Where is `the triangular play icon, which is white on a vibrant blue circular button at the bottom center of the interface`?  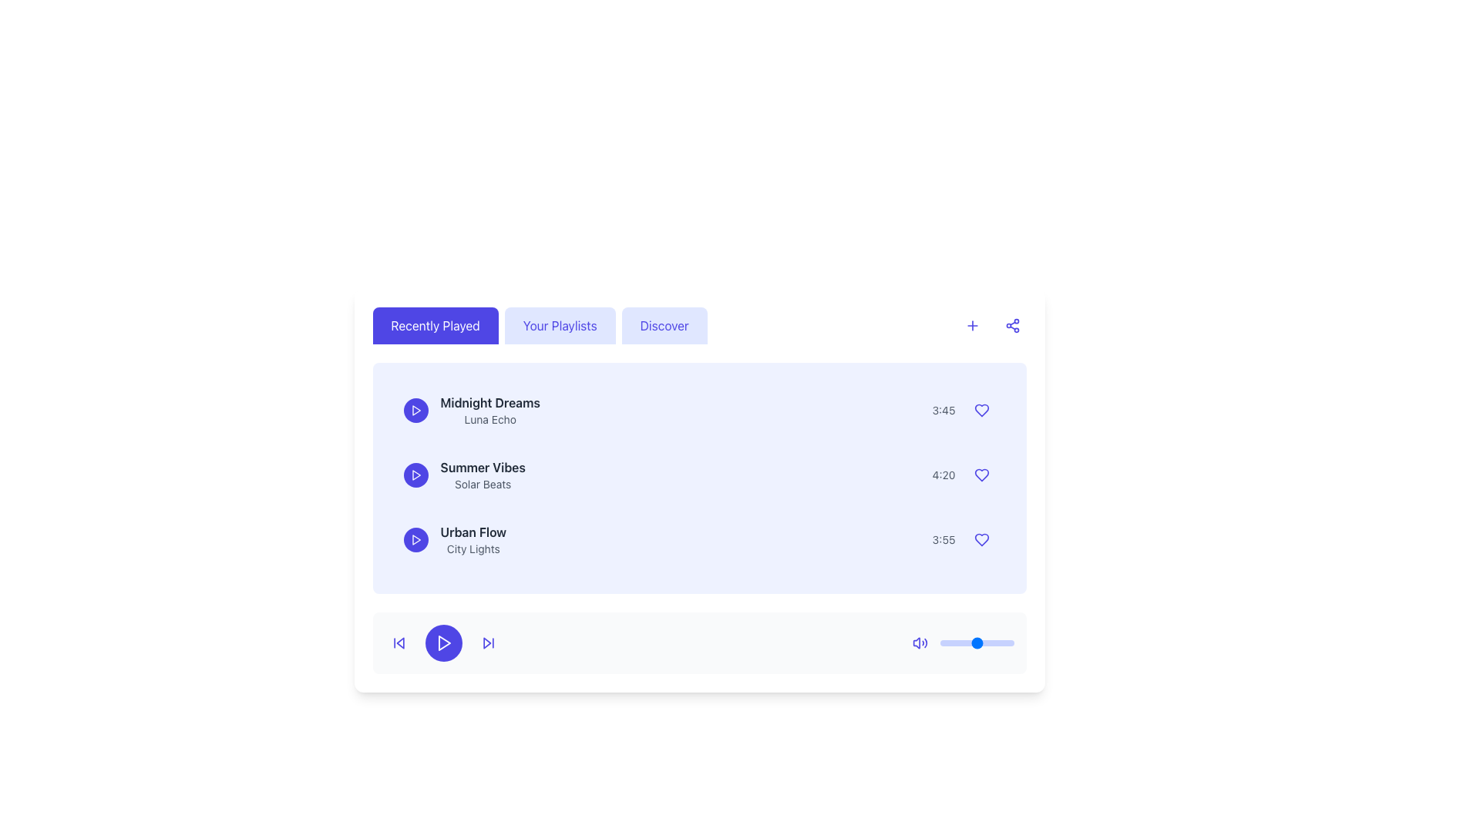 the triangular play icon, which is white on a vibrant blue circular button at the bottom center of the interface is located at coordinates (443, 642).